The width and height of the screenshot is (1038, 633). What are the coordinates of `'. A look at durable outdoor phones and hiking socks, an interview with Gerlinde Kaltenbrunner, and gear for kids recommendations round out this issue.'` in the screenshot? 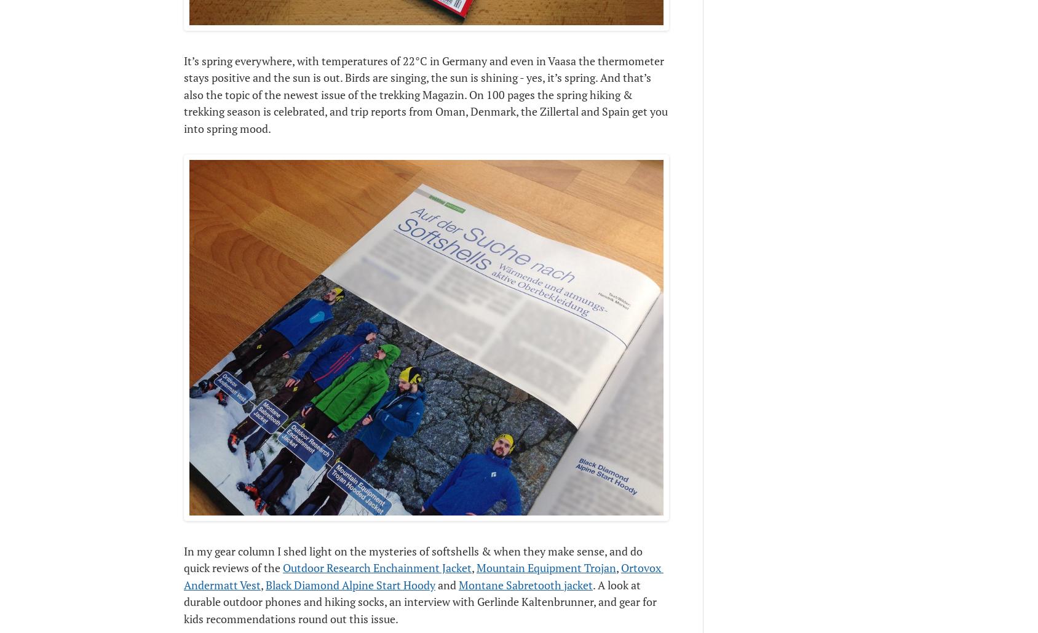 It's located at (419, 600).